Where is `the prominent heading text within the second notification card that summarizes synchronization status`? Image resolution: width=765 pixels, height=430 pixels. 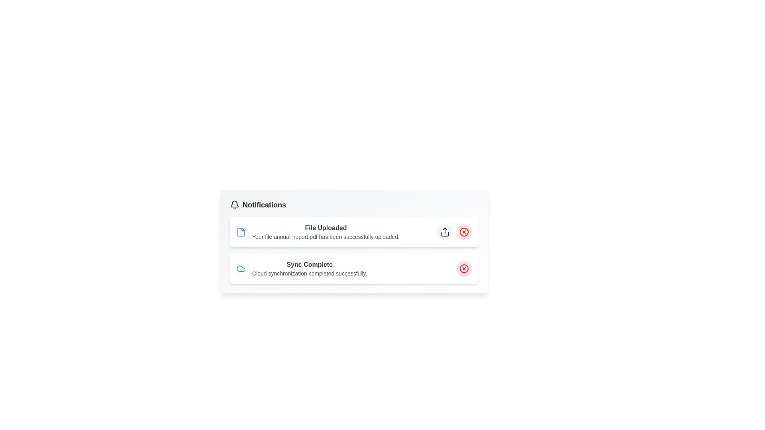
the prominent heading text within the second notification card that summarizes synchronization status is located at coordinates (309, 264).